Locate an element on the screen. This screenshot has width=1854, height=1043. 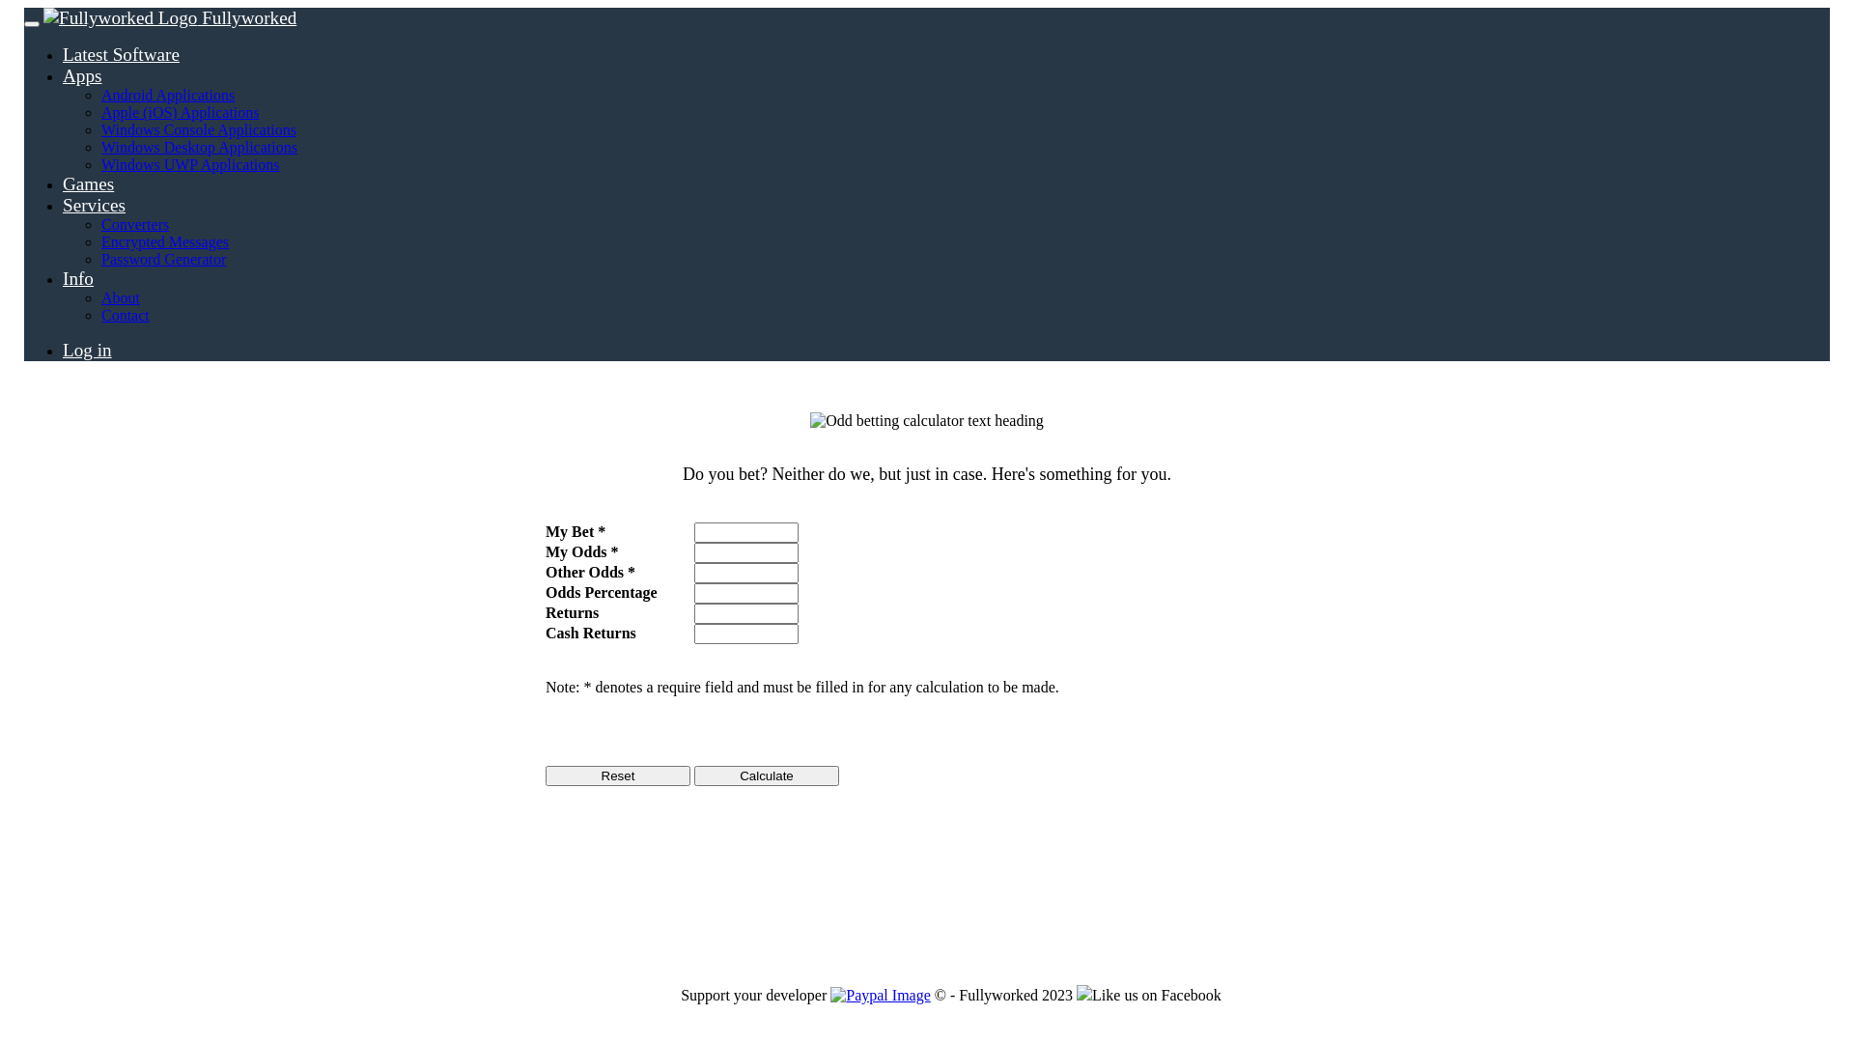
'Windows Console Applications' is located at coordinates (199, 129).